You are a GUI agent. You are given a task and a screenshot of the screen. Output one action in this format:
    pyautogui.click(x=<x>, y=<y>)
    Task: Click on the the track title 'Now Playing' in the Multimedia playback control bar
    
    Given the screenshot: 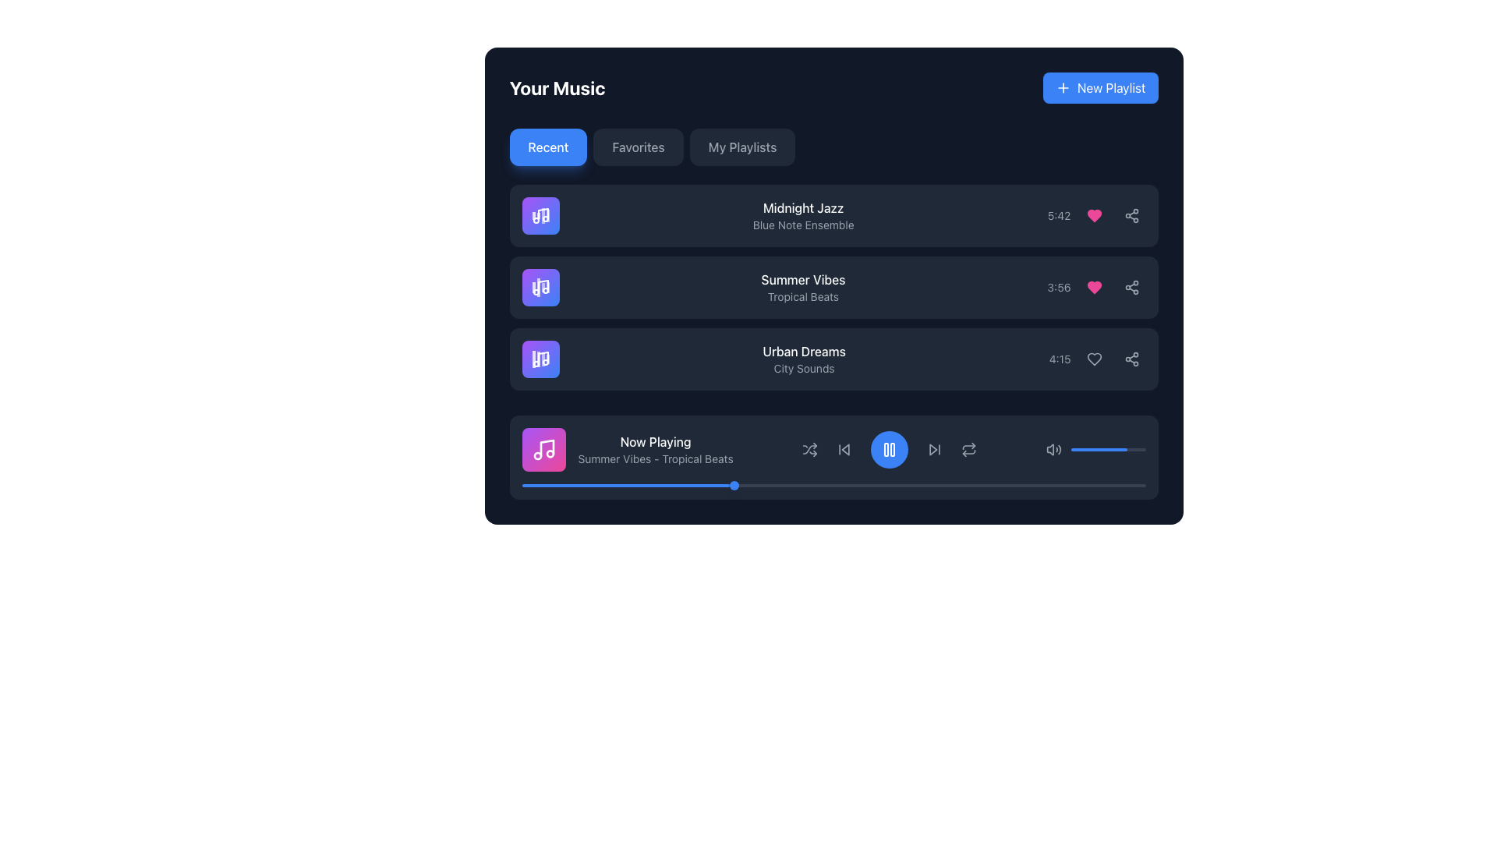 What is the action you would take?
    pyautogui.click(x=833, y=450)
    